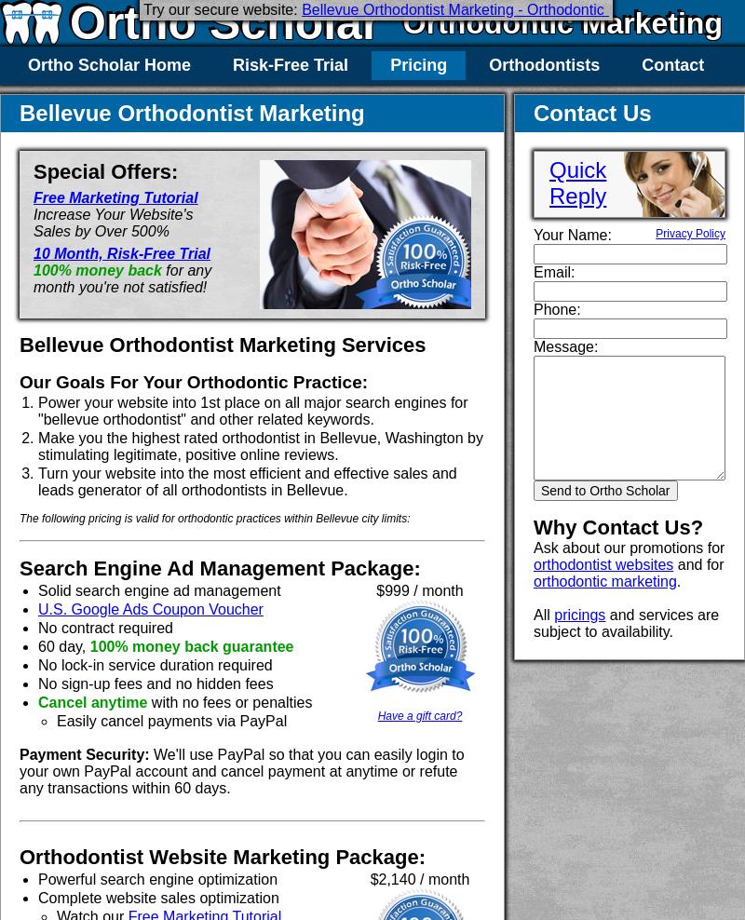  What do you see at coordinates (112, 214) in the screenshot?
I see `'Increase Your Website's'` at bounding box center [112, 214].